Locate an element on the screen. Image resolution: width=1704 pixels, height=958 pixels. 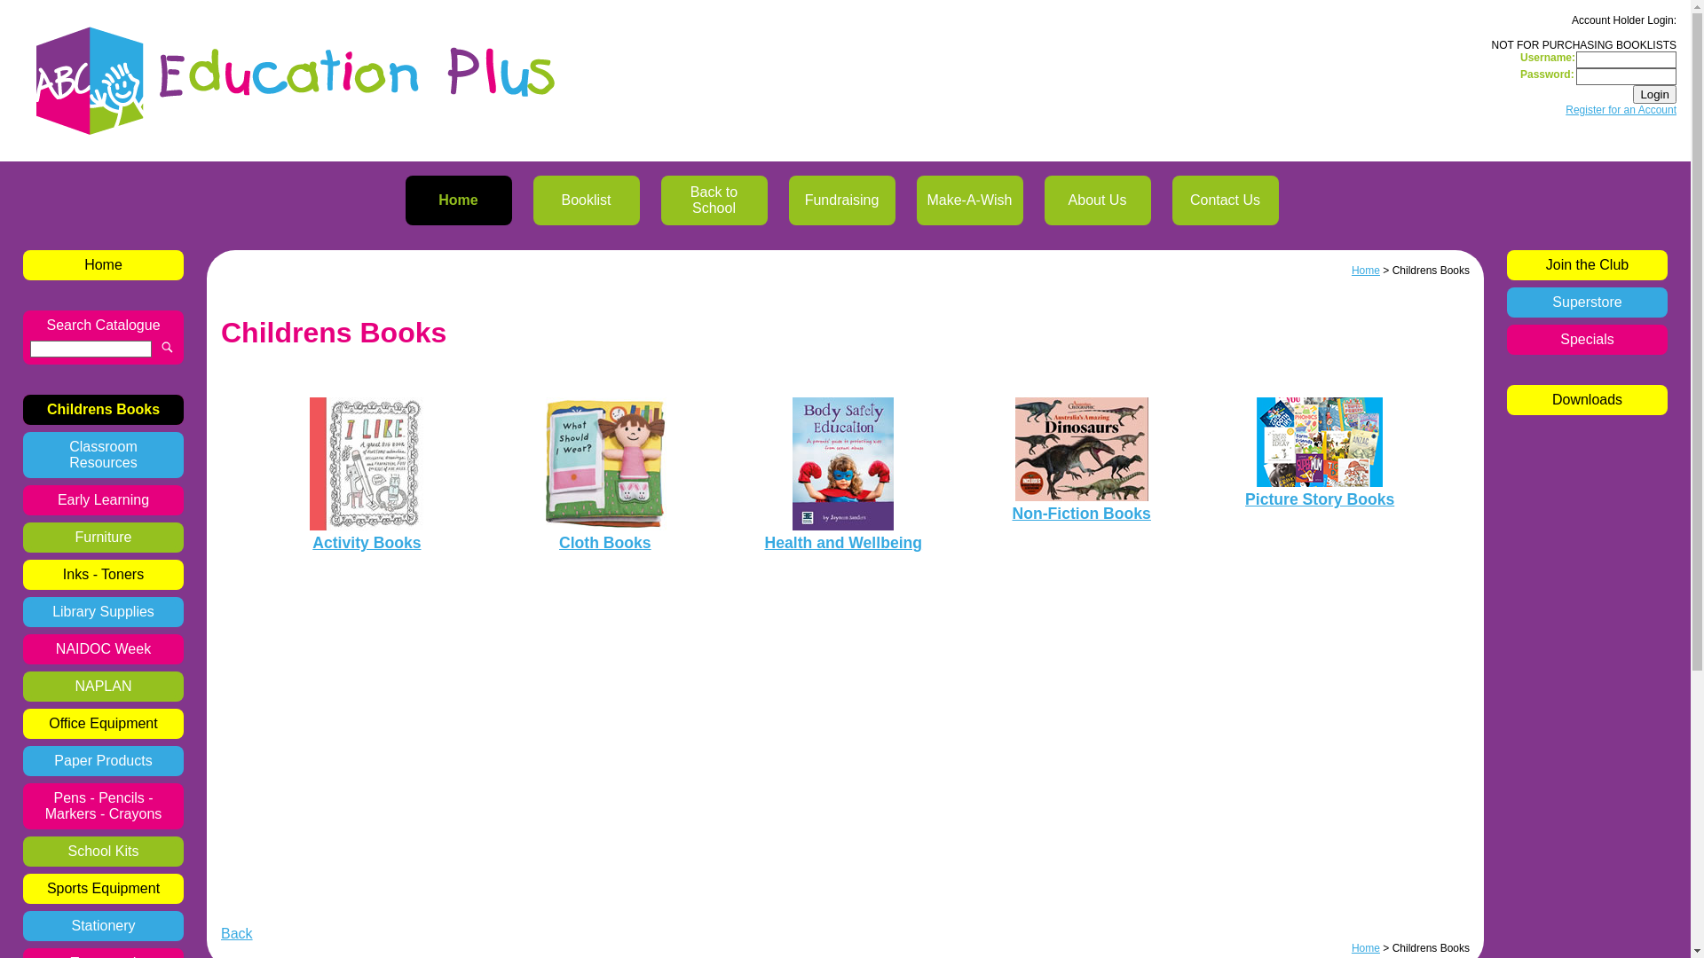
'Specials' is located at coordinates (1587, 339).